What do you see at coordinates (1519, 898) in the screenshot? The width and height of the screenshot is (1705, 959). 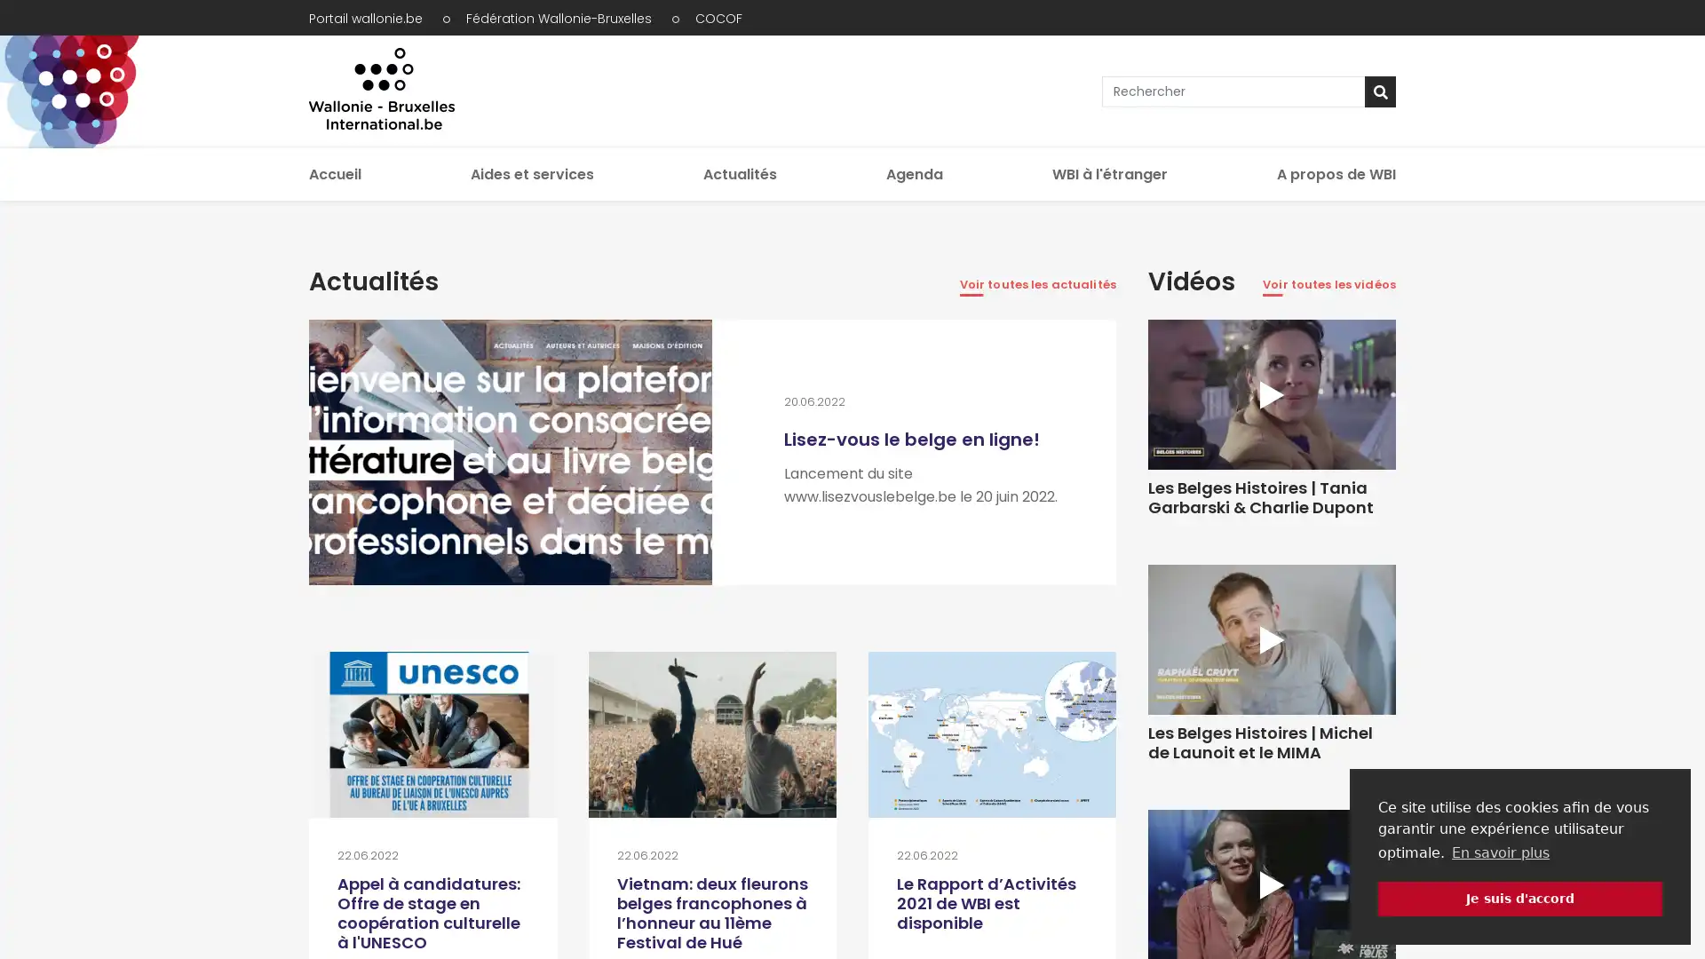 I see `dismiss cookie message` at bounding box center [1519, 898].